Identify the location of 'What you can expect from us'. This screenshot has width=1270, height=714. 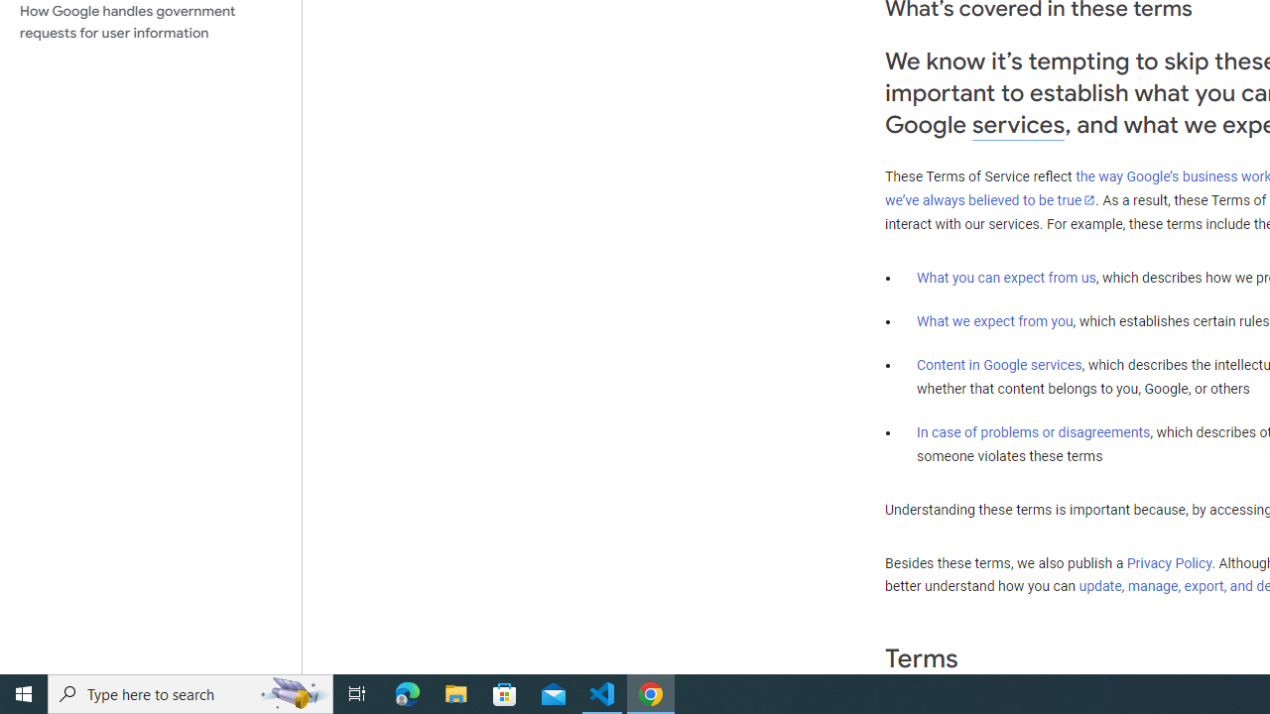
(1006, 277).